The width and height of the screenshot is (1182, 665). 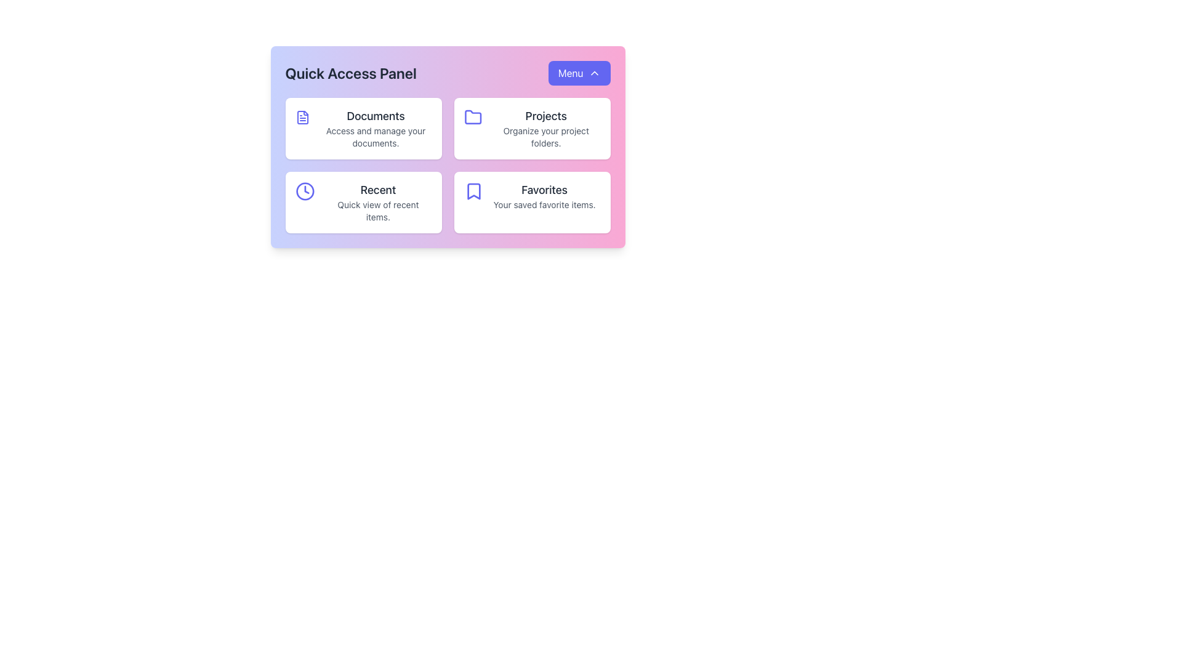 I want to click on the 'Documents' text label, which is styled with a larger, bold font in dark gray color, located in the top left card of the Quick Access Panel, so click(x=375, y=116).